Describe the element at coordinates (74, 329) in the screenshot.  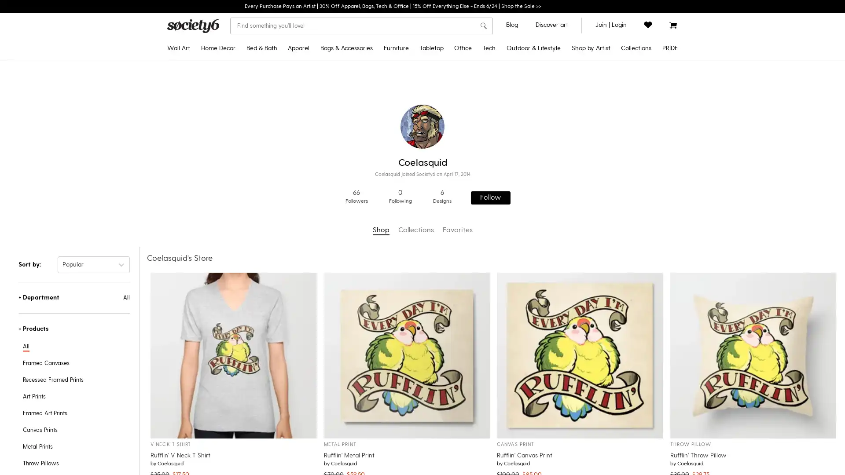
I see `-Products` at that location.